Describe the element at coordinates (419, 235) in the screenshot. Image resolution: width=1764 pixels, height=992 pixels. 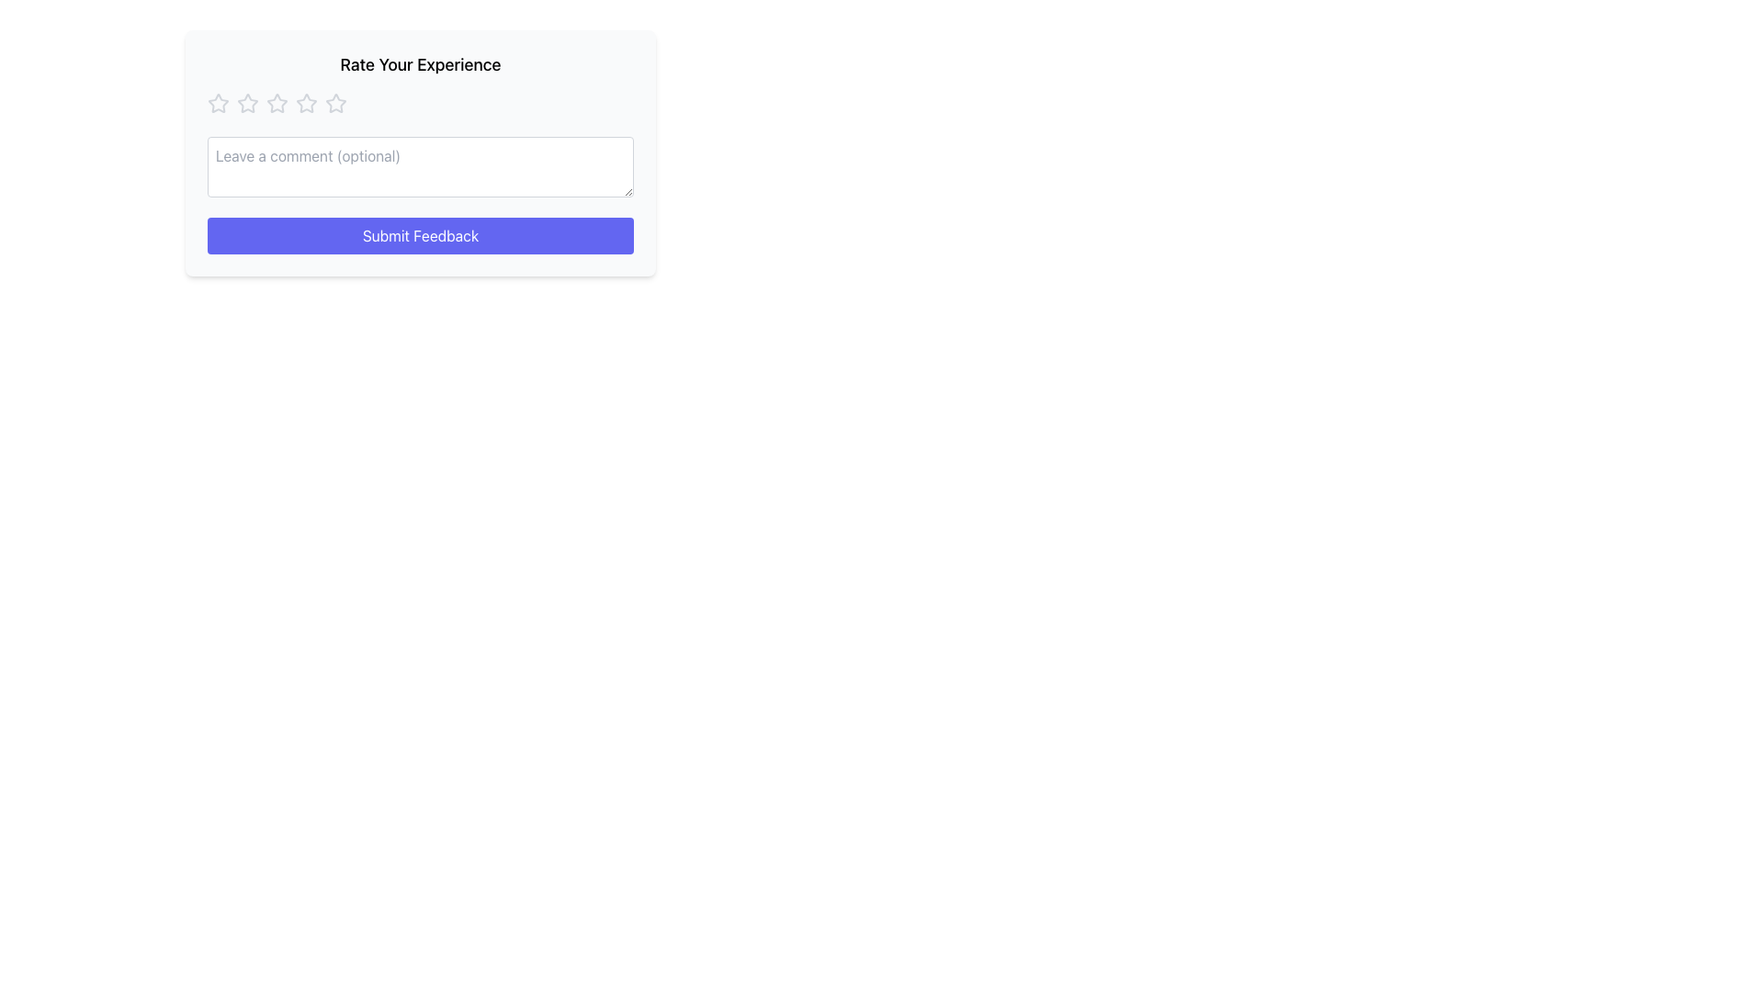
I see `the 'Submit Feedback' button, which is a large rectangular button with rounded corners, located at the bottom of the light gray feedback panel` at that location.